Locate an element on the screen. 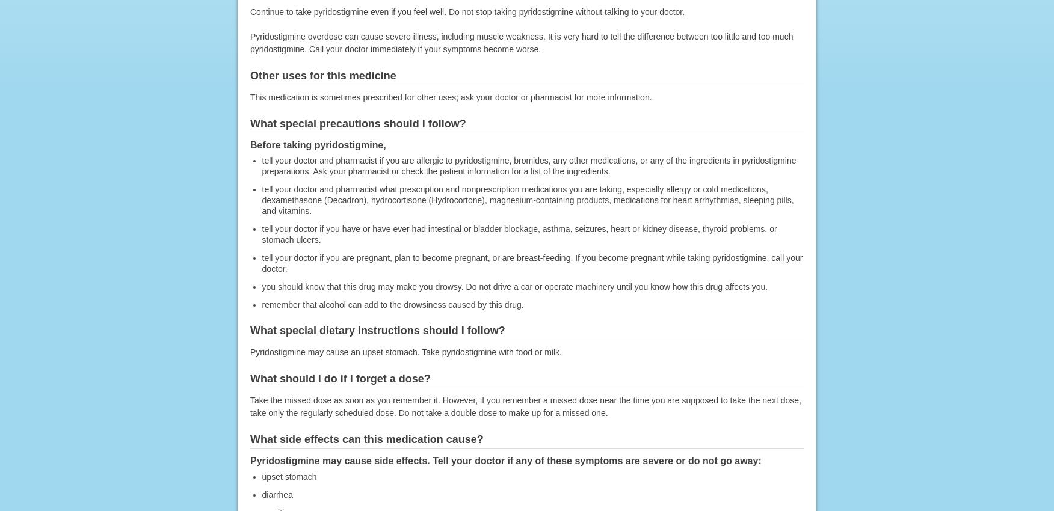  'Pyridostigmine may cause side effects. Tell your doctor if any of these symptoms are severe or do not go away:' is located at coordinates (505, 460).